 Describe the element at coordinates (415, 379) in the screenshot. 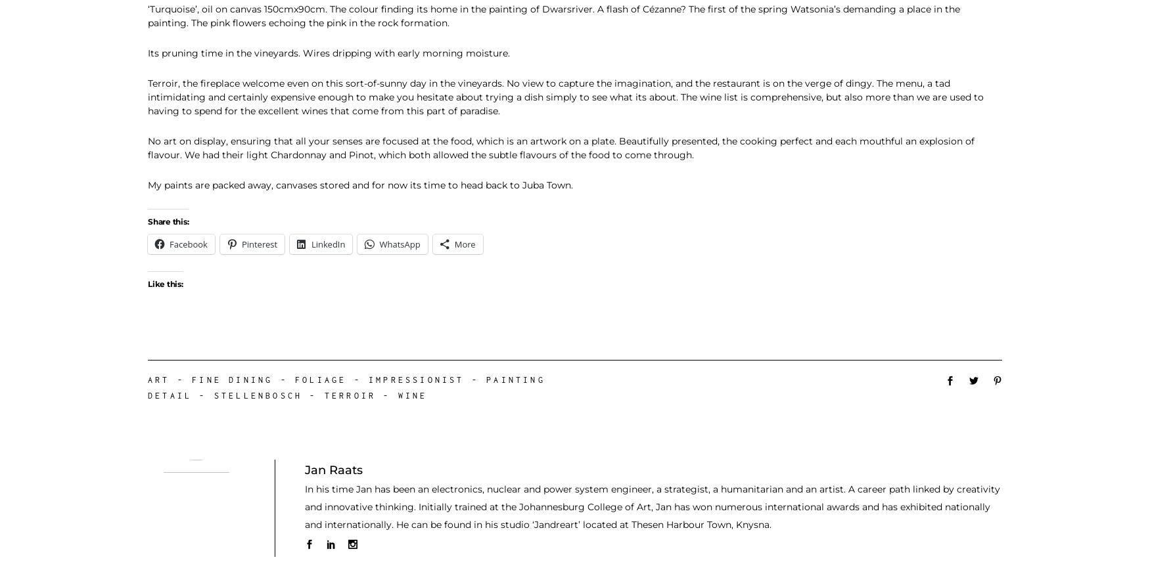

I see `'Impressionist'` at that location.